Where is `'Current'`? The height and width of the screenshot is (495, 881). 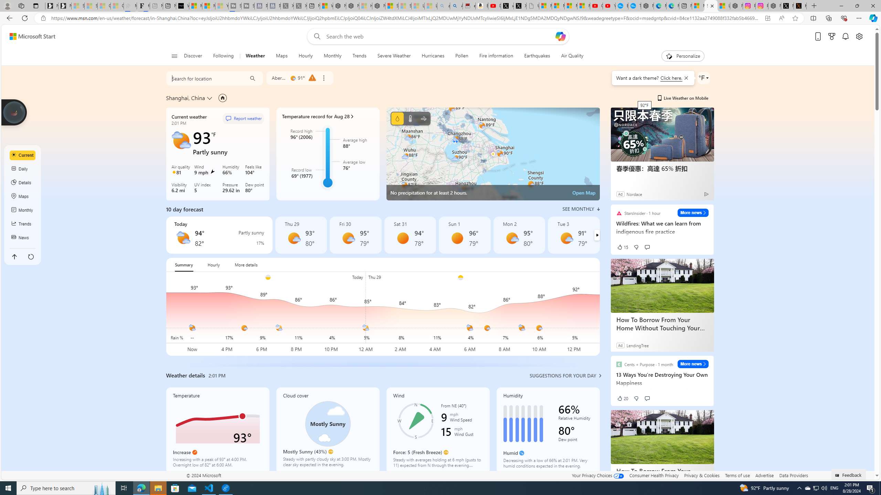
'Current' is located at coordinates (22, 155).